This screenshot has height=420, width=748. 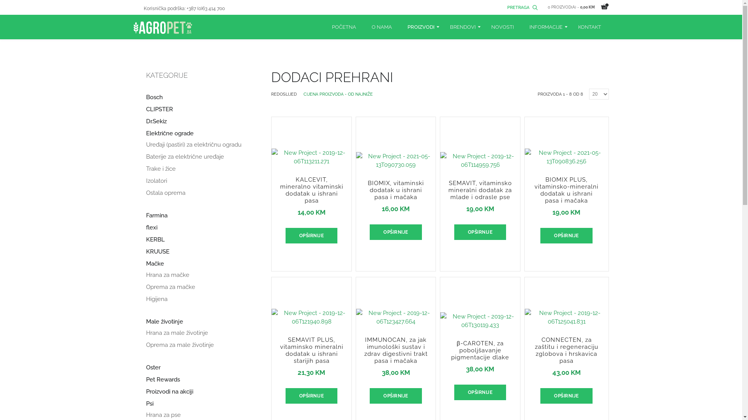 I want to click on 'INFORMACIJE', so click(x=545, y=26).